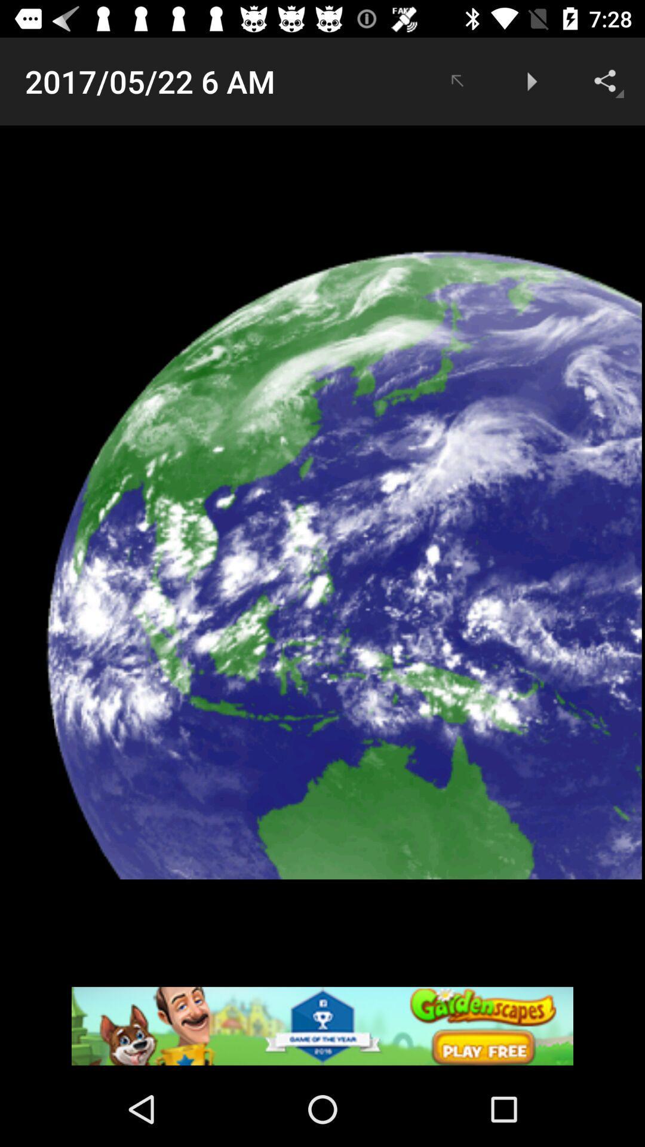 The image size is (645, 1147). Describe the element at coordinates (456, 81) in the screenshot. I see `item to the right of the 2017 05 22 app` at that location.